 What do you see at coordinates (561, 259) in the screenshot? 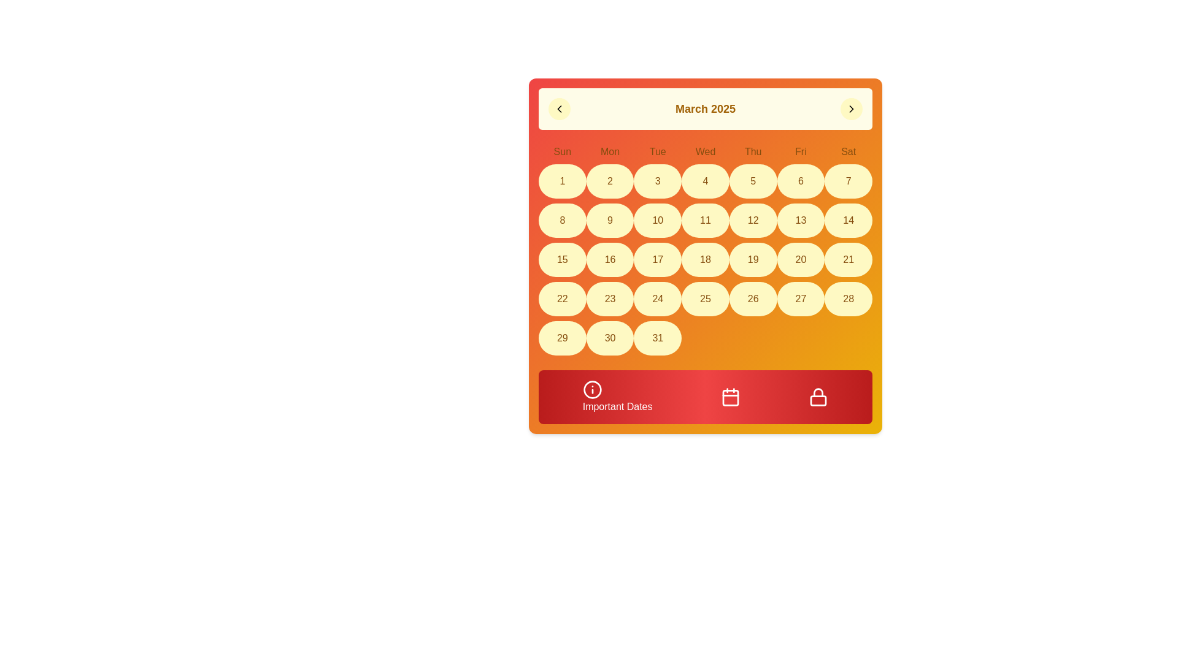
I see `the fifth circular button in the fourth row of the calendar, which represents the 15th day of the month` at bounding box center [561, 259].